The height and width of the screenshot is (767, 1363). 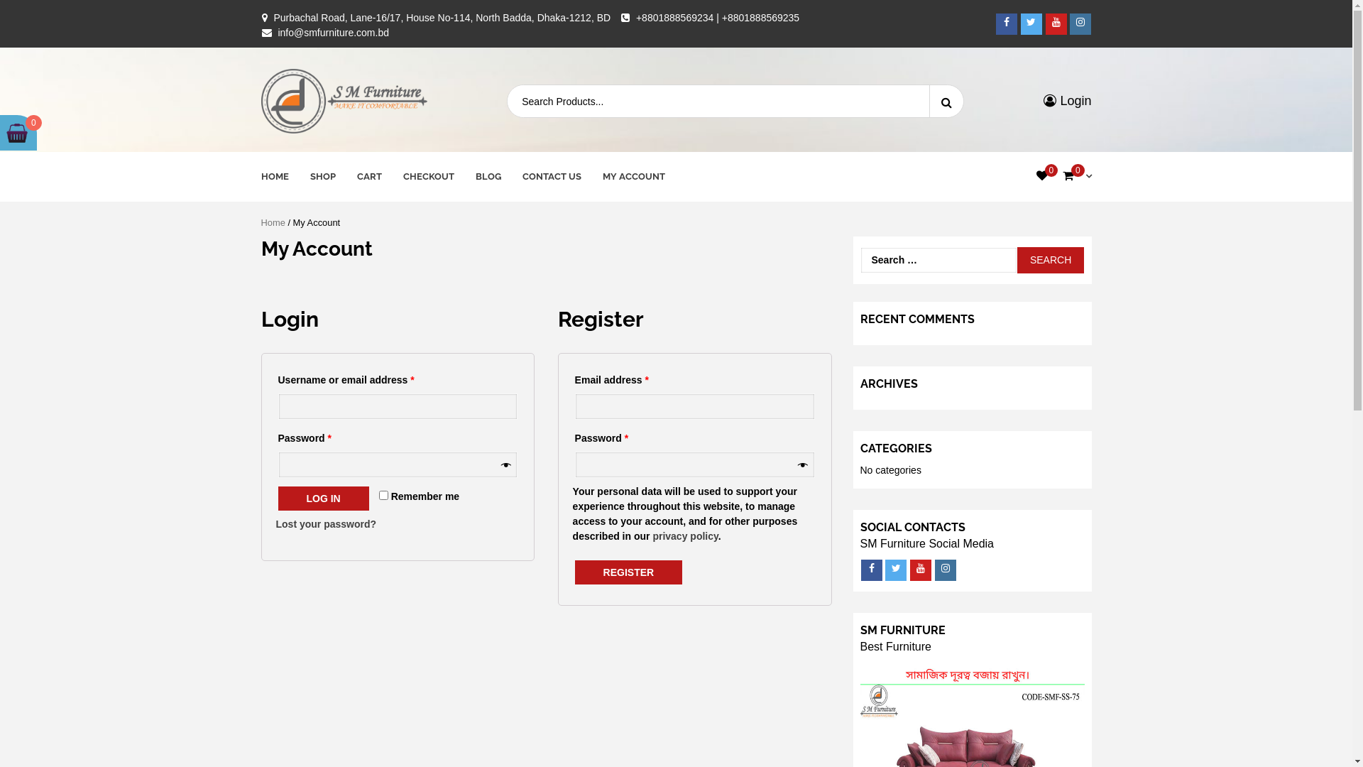 I want to click on 'Instagram', so click(x=945, y=569).